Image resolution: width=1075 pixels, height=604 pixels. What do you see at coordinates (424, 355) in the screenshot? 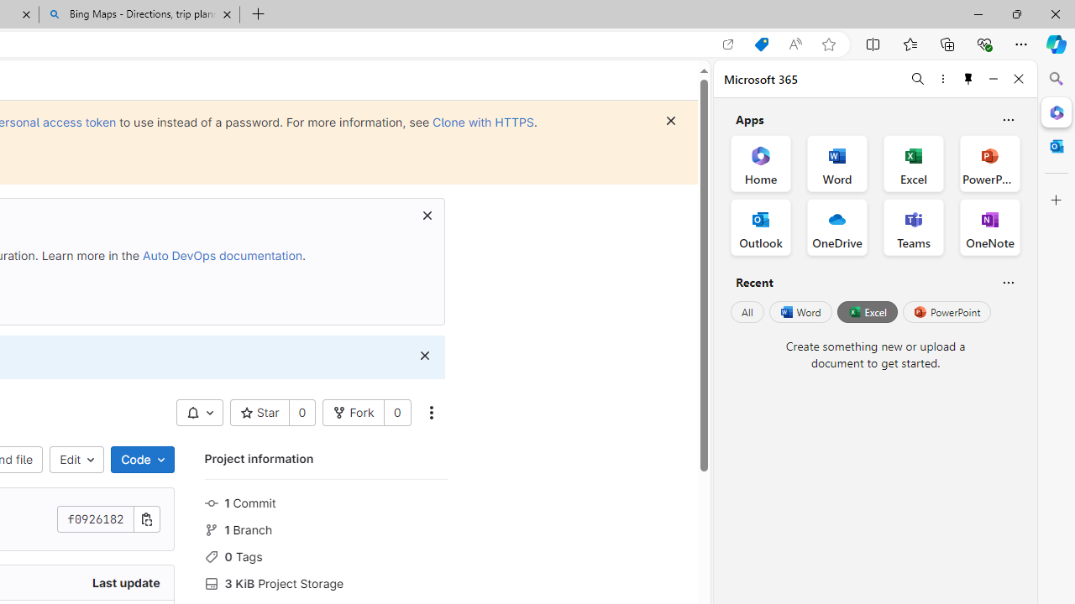
I see `'Class: s16 gl-icon gl-button-icon '` at bounding box center [424, 355].